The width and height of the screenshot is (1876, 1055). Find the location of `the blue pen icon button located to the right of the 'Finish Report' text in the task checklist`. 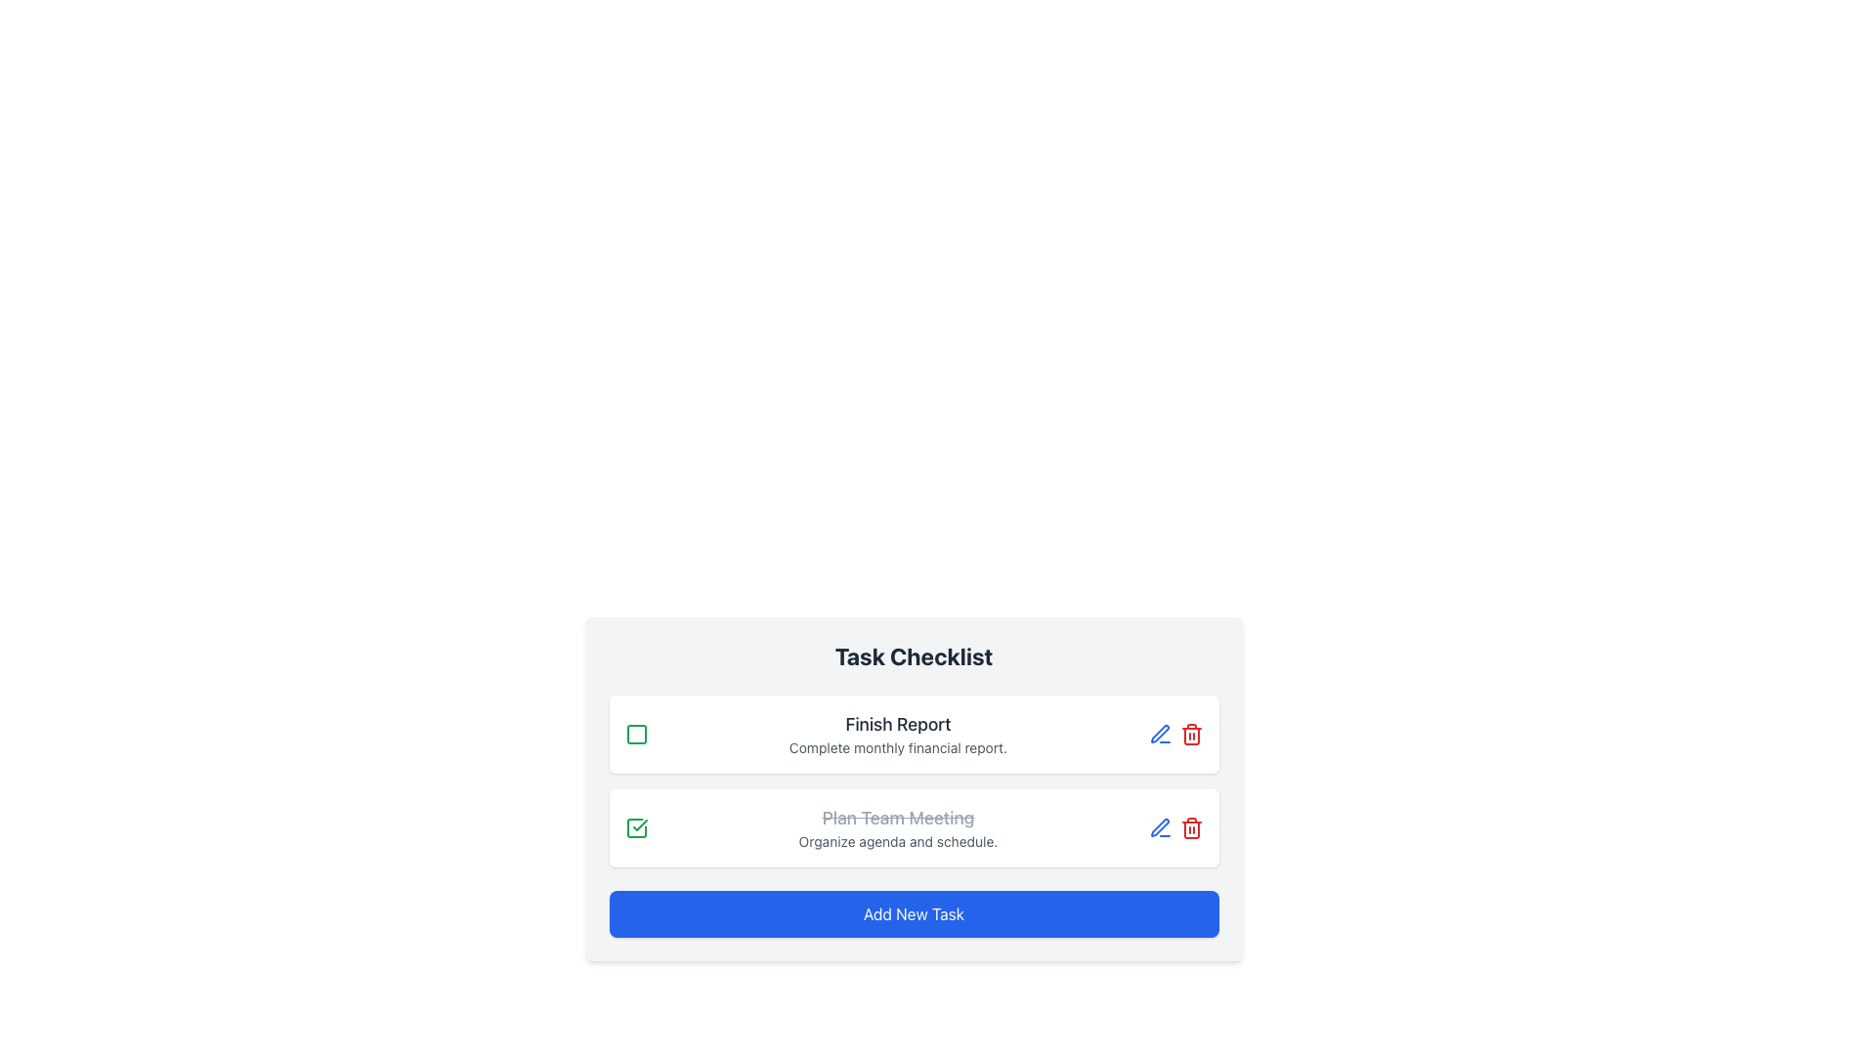

the blue pen icon button located to the right of the 'Finish Report' text in the task checklist is located at coordinates (1160, 828).